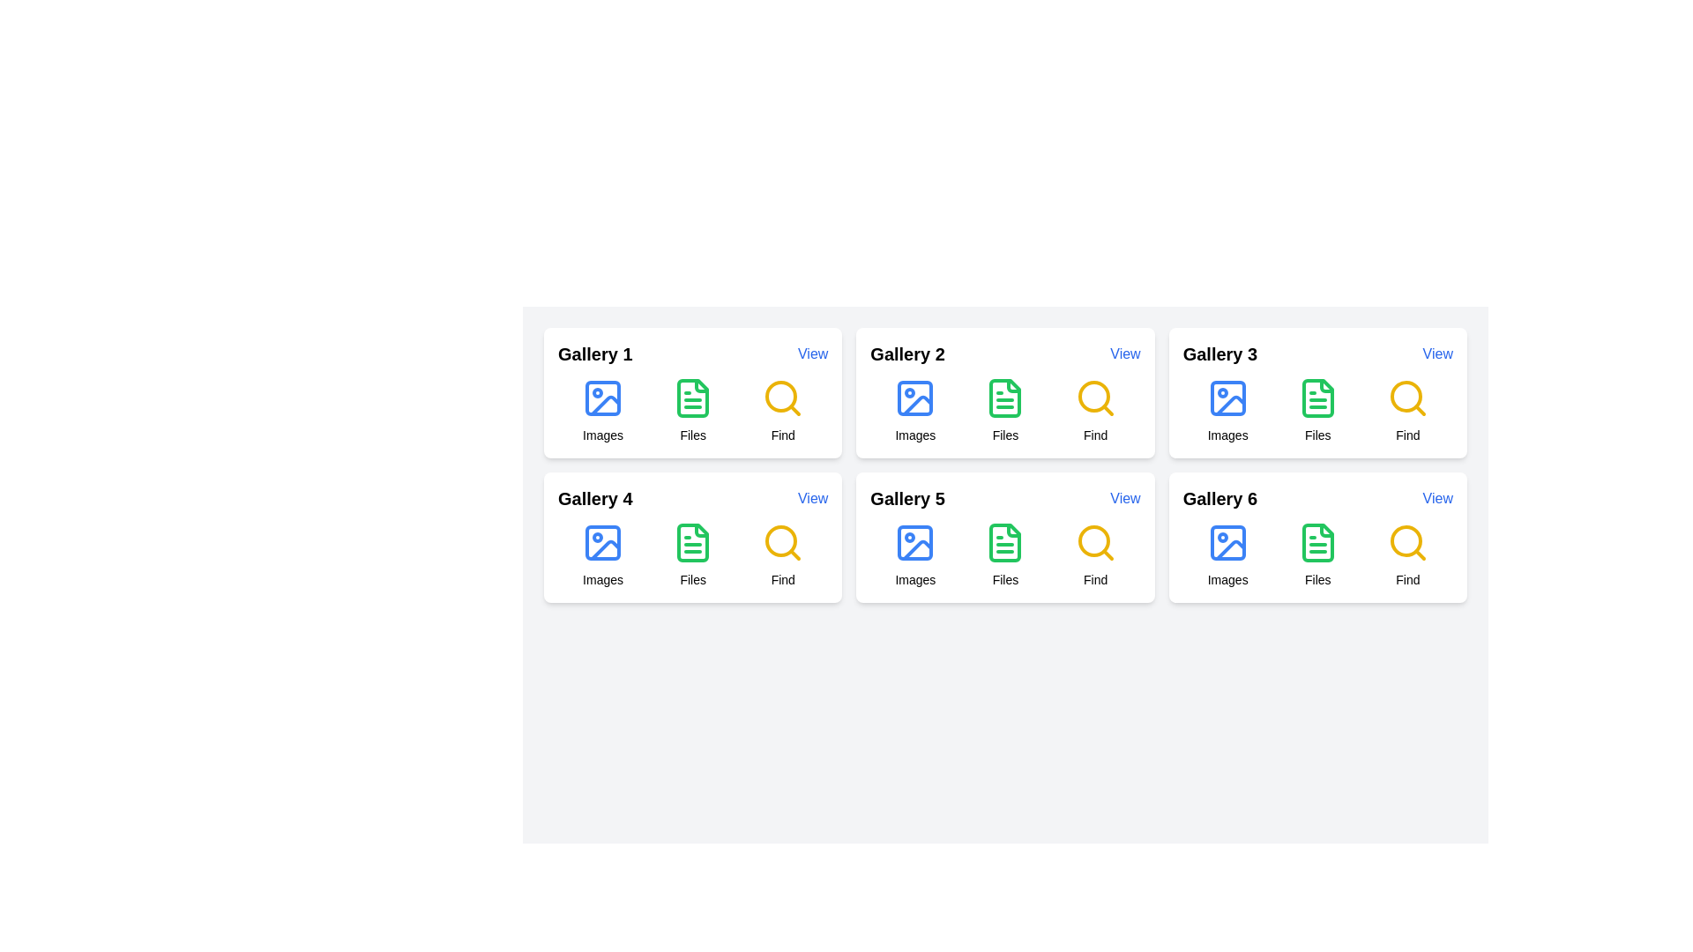 The height and width of the screenshot is (952, 1693). I want to click on the small rounded rectangle inside the blue image icon of the 'Gallery 6' card, located in the second row, third column of the grid layout, so click(1227, 542).